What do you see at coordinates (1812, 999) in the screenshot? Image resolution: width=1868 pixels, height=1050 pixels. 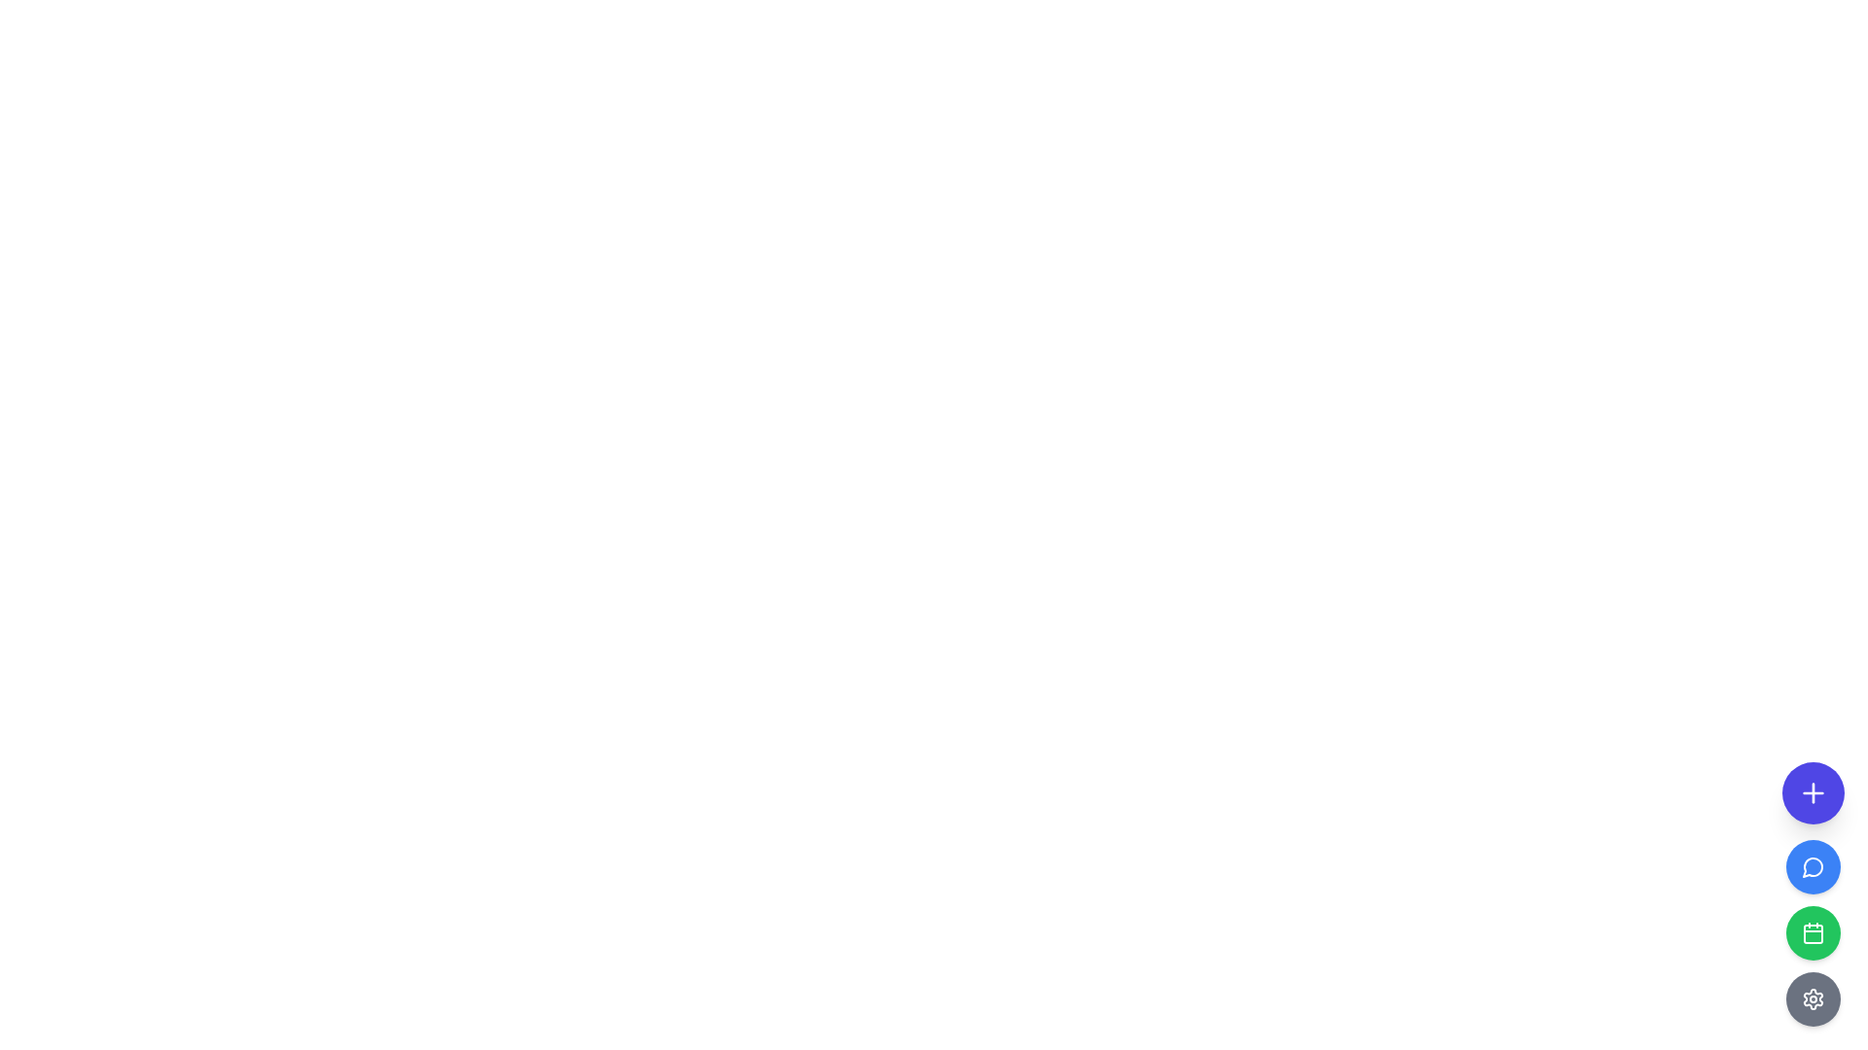 I see `the circular gray button with a gear icon, which is the fourth button in a vertical stack of similar buttons` at bounding box center [1812, 999].